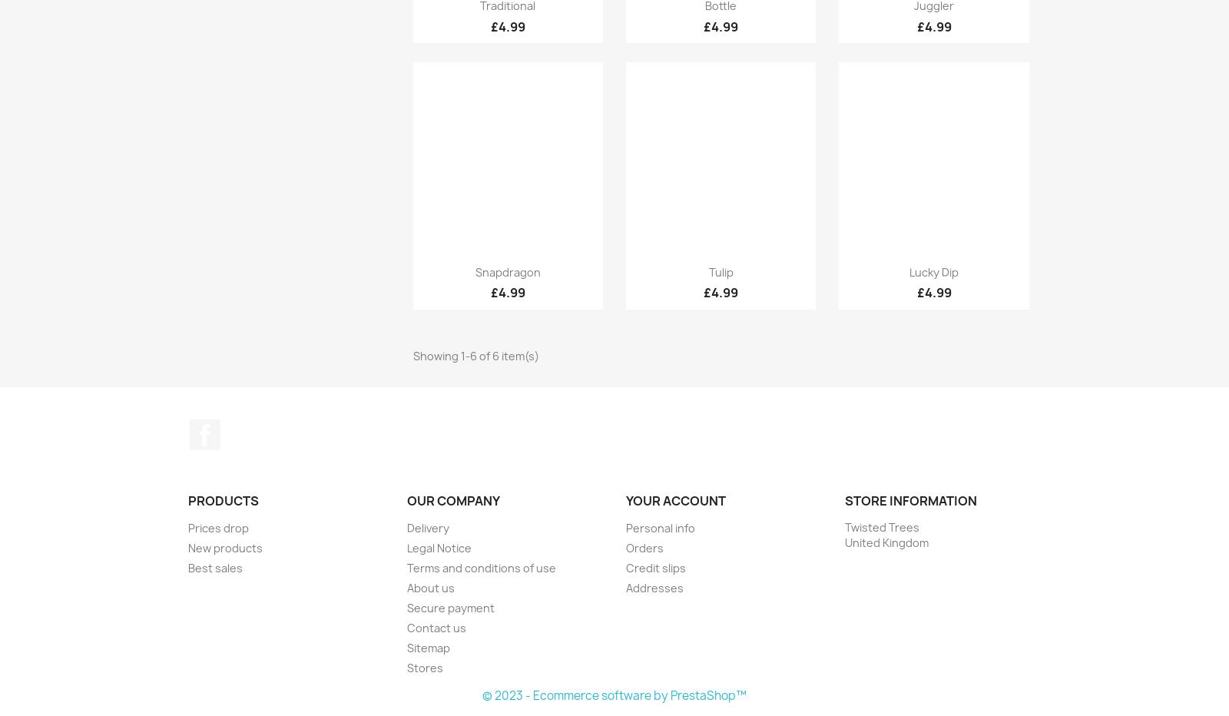 This screenshot has height=716, width=1229. What do you see at coordinates (187, 528) in the screenshot?
I see `'Prices drop'` at bounding box center [187, 528].